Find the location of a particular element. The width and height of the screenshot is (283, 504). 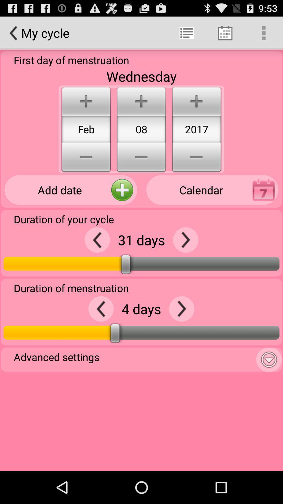

show advanced settings is located at coordinates (269, 359).